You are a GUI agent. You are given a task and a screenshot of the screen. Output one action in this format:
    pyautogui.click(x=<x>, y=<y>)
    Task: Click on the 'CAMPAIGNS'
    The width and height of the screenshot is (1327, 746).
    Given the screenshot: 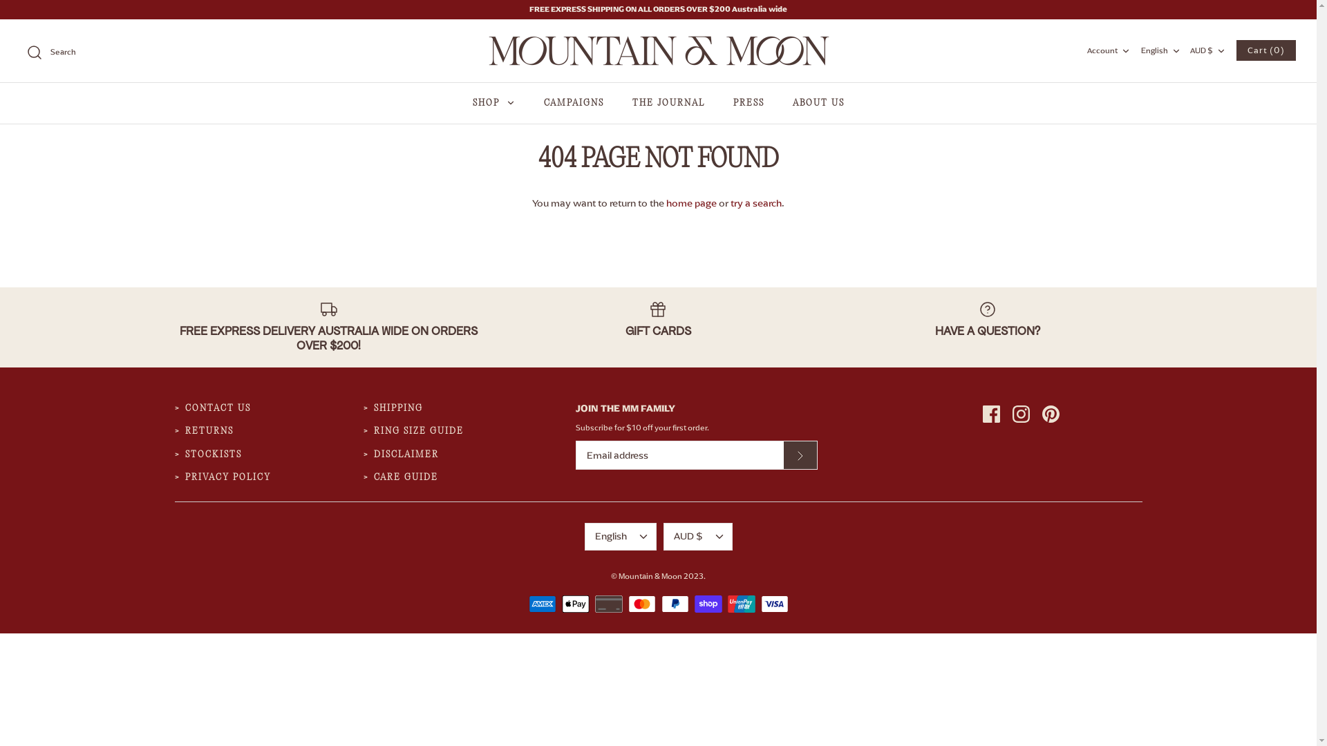 What is the action you would take?
    pyautogui.click(x=573, y=103)
    